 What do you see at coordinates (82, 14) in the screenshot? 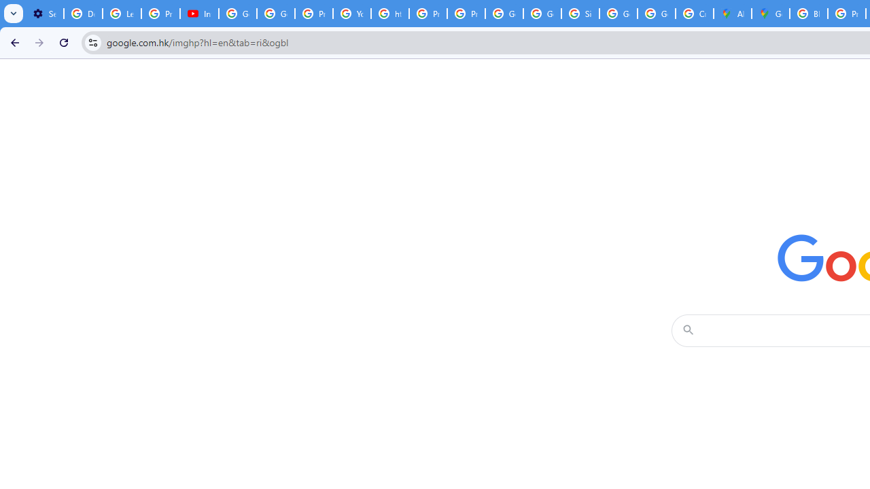
I see `'Delete photos & videos - Computer - Google Photos Help'` at bounding box center [82, 14].